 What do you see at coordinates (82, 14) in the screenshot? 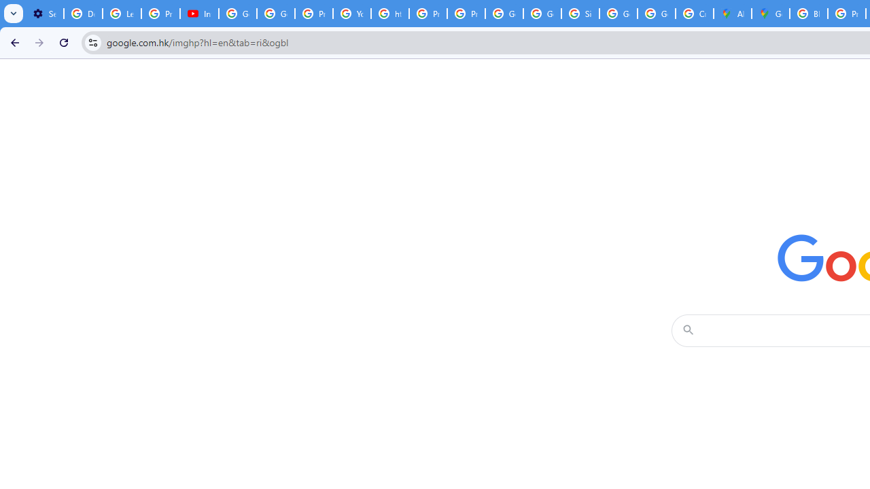
I see `'Delete photos & videos - Computer - Google Photos Help'` at bounding box center [82, 14].